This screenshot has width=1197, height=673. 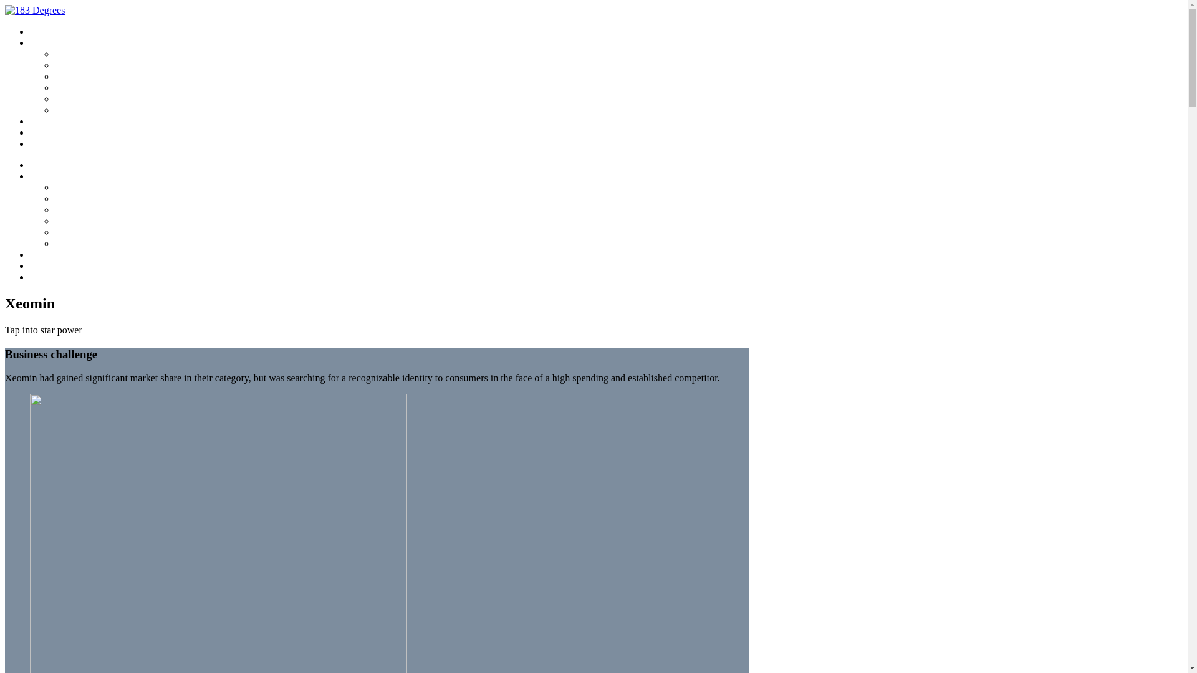 I want to click on 'Why 183', so click(x=47, y=31).